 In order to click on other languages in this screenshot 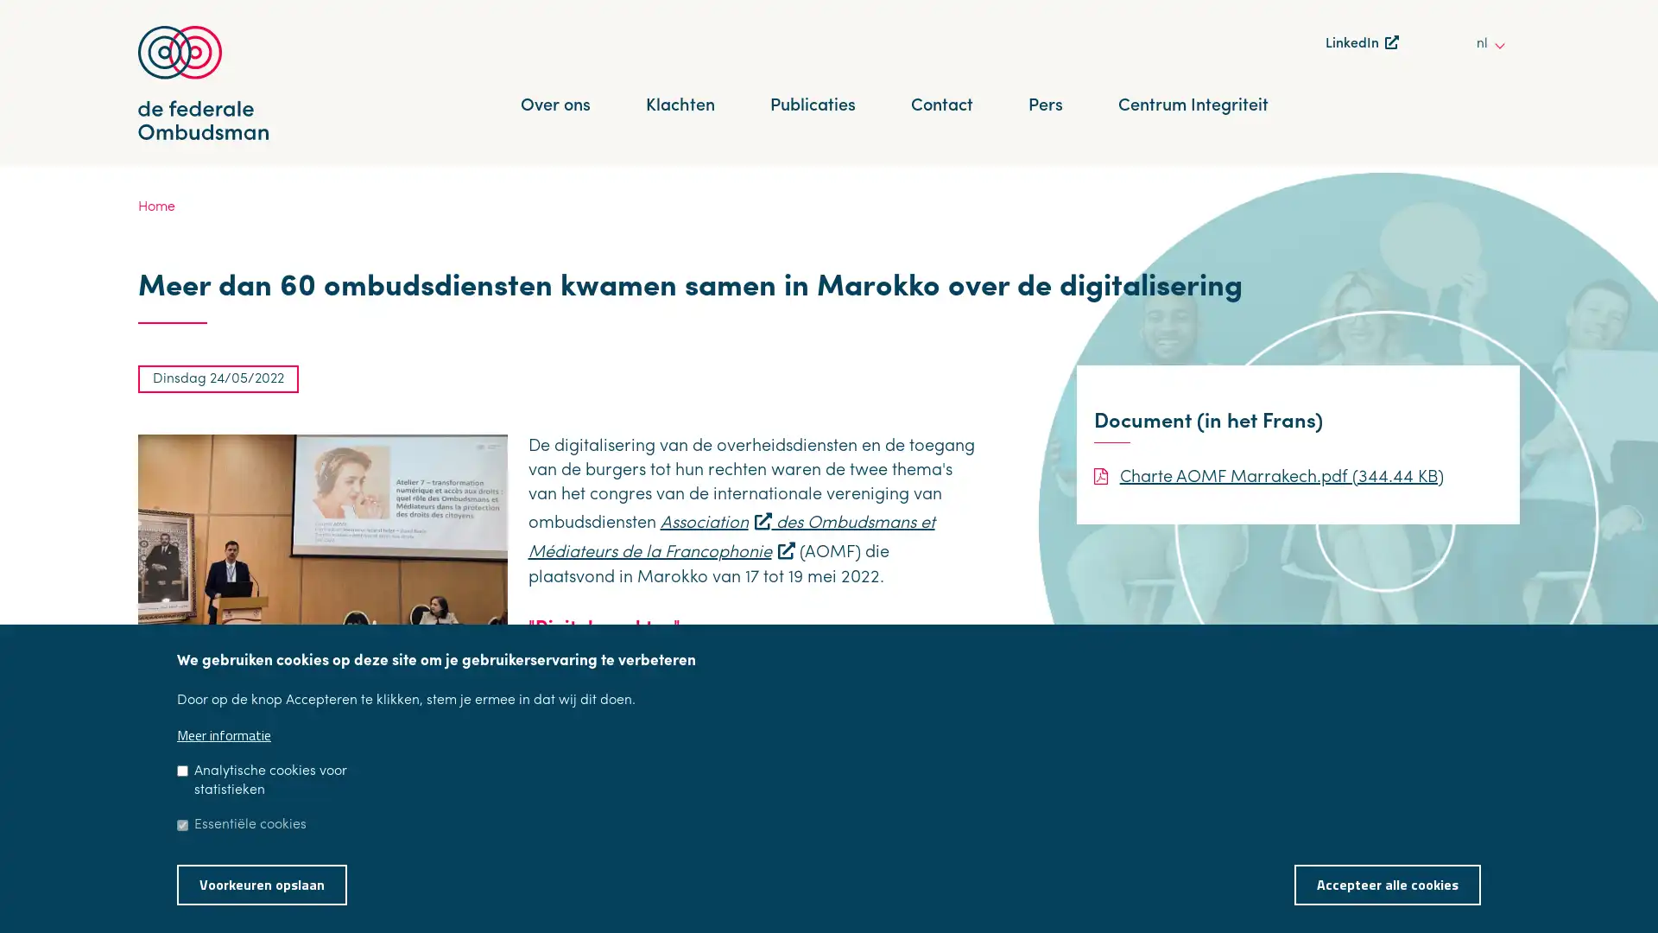, I will do `click(1503, 42)`.